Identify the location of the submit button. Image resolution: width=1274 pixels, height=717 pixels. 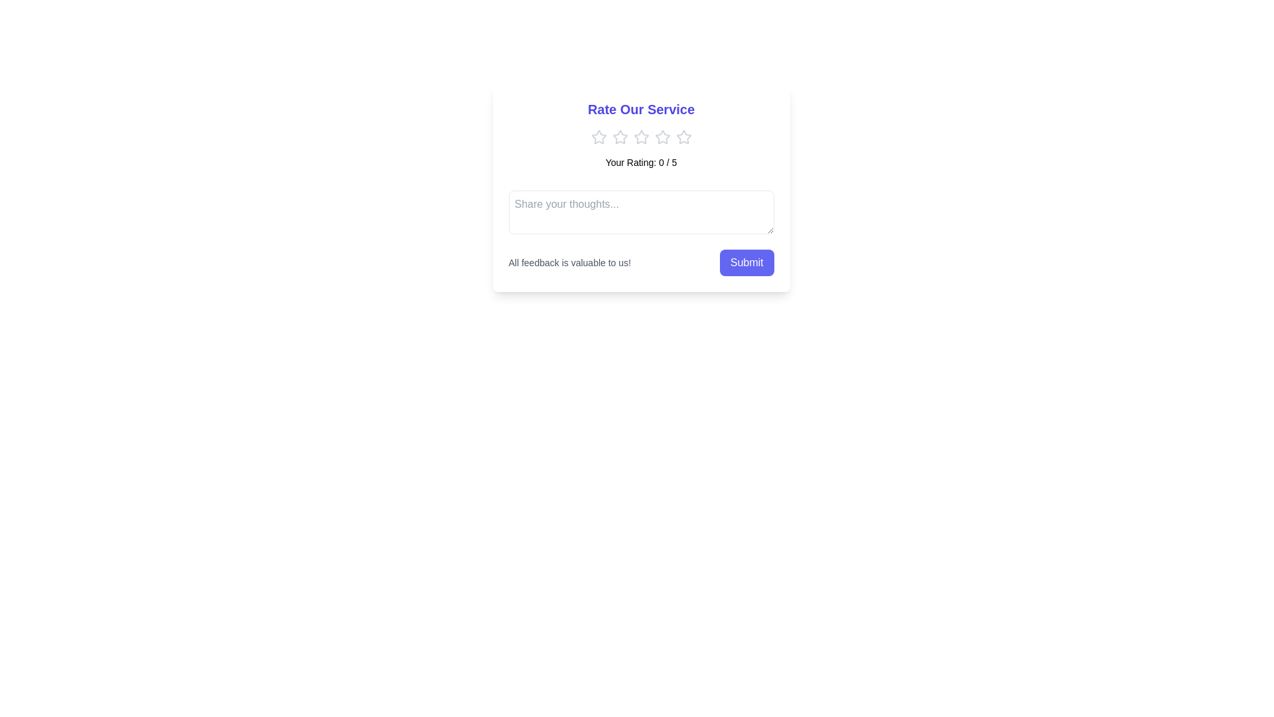
(746, 263).